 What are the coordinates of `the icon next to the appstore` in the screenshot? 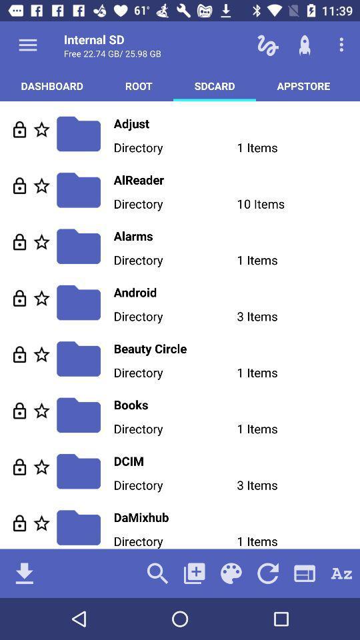 It's located at (215, 85).